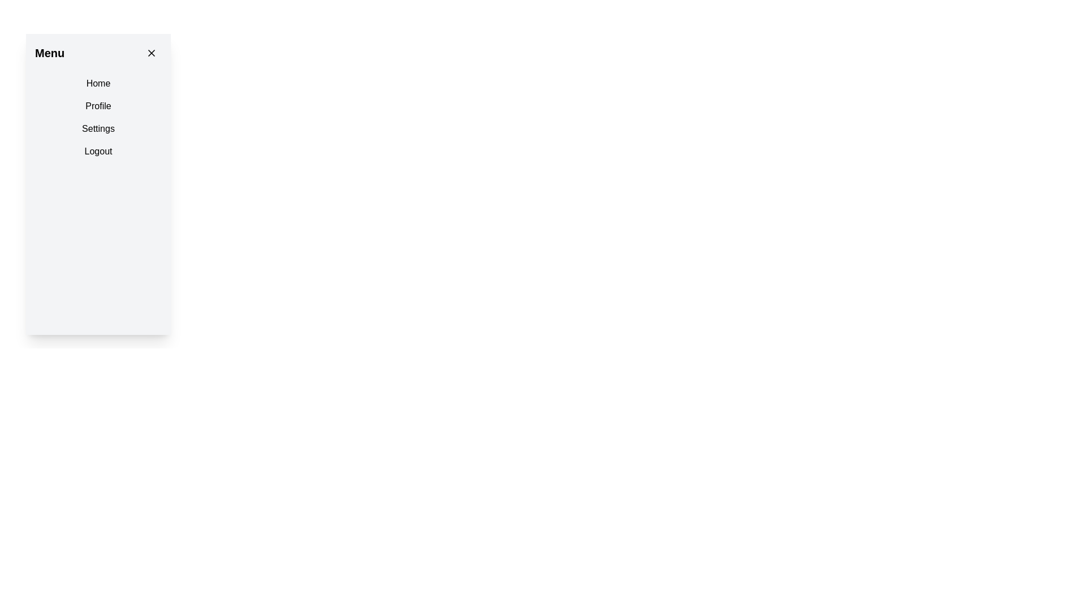  I want to click on the close button with a circular gray background and an 'X' icon, located at the top-right corner of the header bar containing the title 'Menu', so click(151, 53).